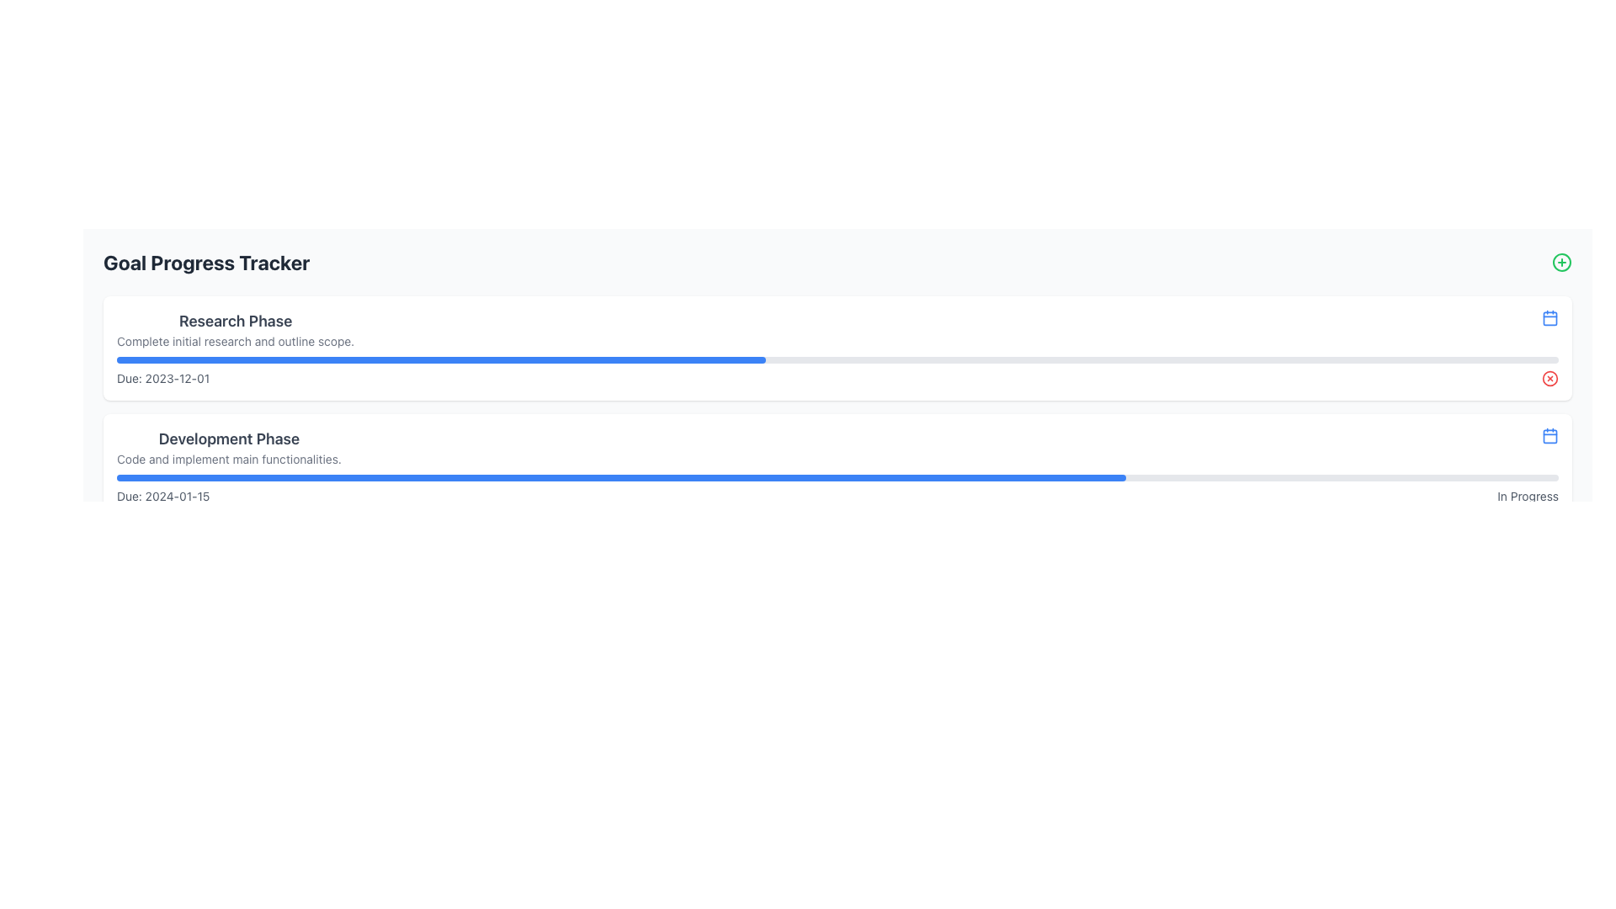  I want to click on the text element that reads 'Code and implement main functionalities.' which is styled in gray and located below the 'Development Phase' header, so click(228, 460).